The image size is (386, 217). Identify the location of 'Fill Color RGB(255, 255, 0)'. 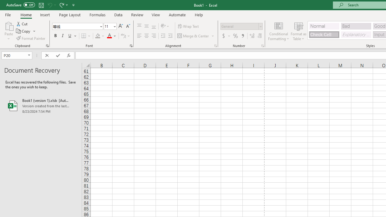
(98, 36).